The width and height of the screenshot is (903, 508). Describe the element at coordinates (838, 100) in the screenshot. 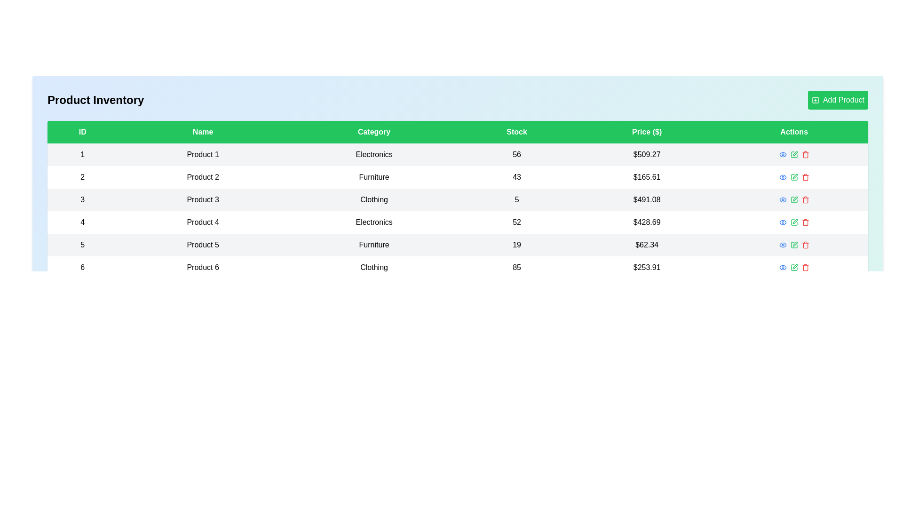

I see `the 'Add Product' button to initiate the process of adding a new product to the inventory table` at that location.